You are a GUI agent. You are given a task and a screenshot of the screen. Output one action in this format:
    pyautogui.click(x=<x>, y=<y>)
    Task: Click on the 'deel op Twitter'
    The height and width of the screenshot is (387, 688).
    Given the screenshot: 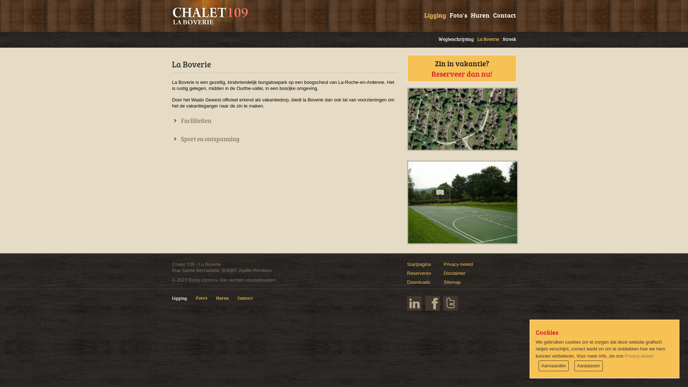 What is the action you would take?
    pyautogui.click(x=450, y=303)
    